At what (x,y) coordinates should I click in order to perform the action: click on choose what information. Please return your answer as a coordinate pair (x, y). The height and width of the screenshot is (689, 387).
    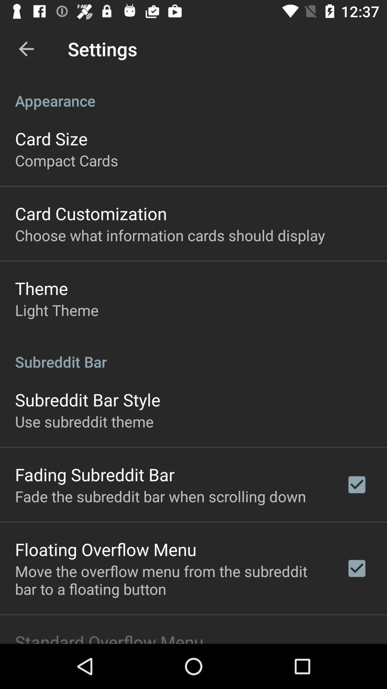
    Looking at the image, I should click on (170, 235).